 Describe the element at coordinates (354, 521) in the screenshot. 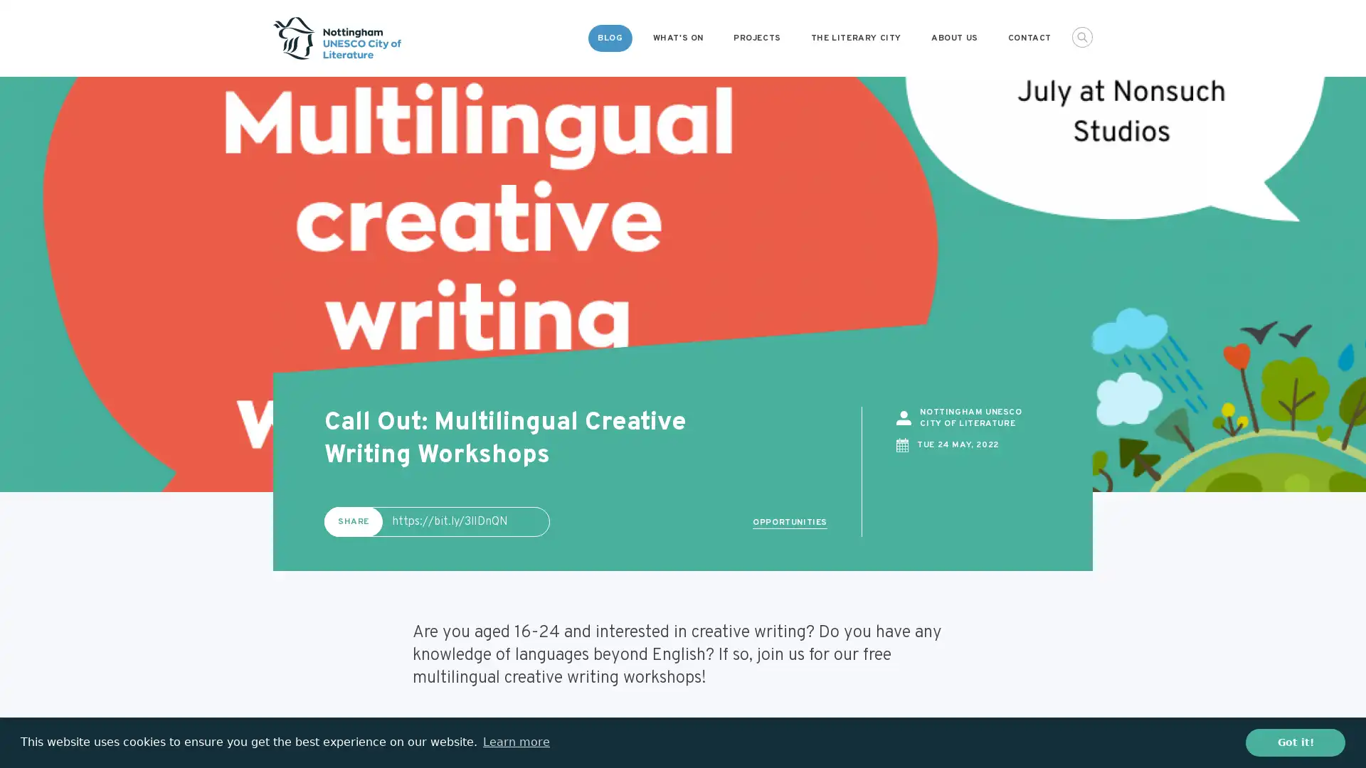

I see `SHARE` at that location.